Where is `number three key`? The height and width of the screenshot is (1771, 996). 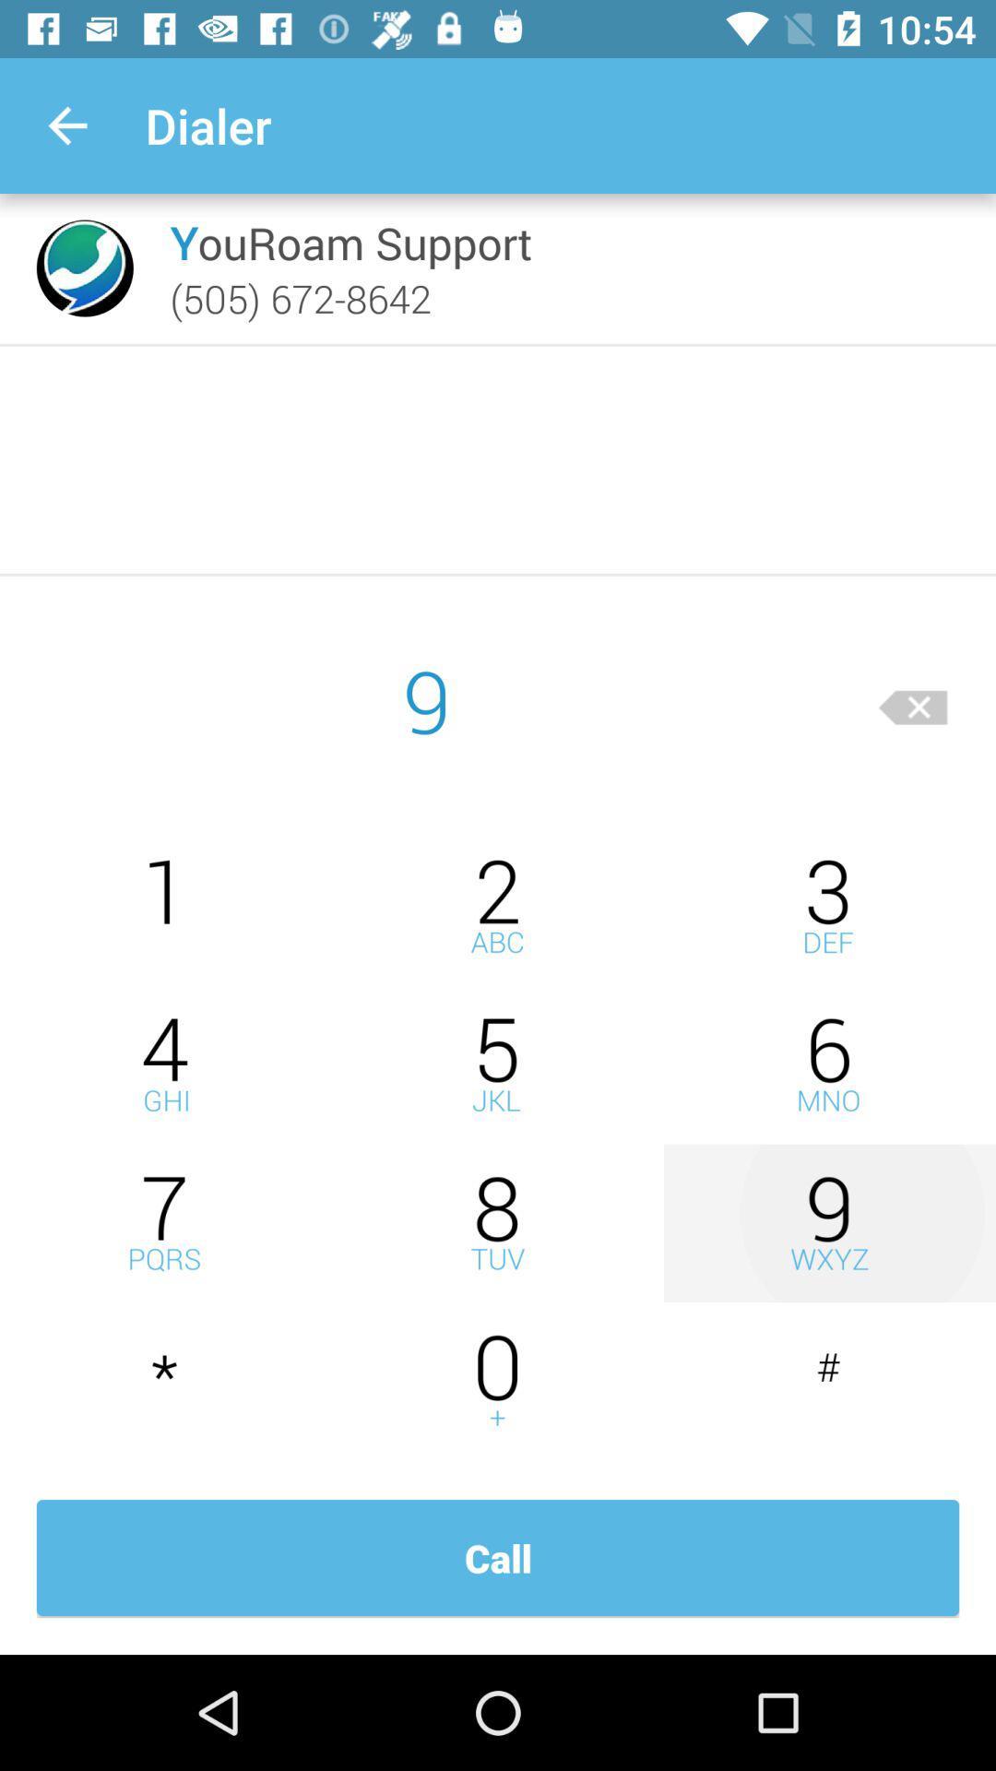 number three key is located at coordinates (828, 906).